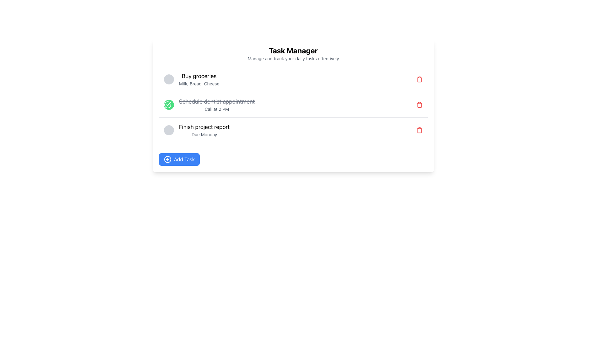 This screenshot has height=339, width=603. Describe the element at coordinates (167, 105) in the screenshot. I see `the circular green vector graphic that resembles a checkmark, located within the task item titled 'Schedule dentist appointment'` at that location.